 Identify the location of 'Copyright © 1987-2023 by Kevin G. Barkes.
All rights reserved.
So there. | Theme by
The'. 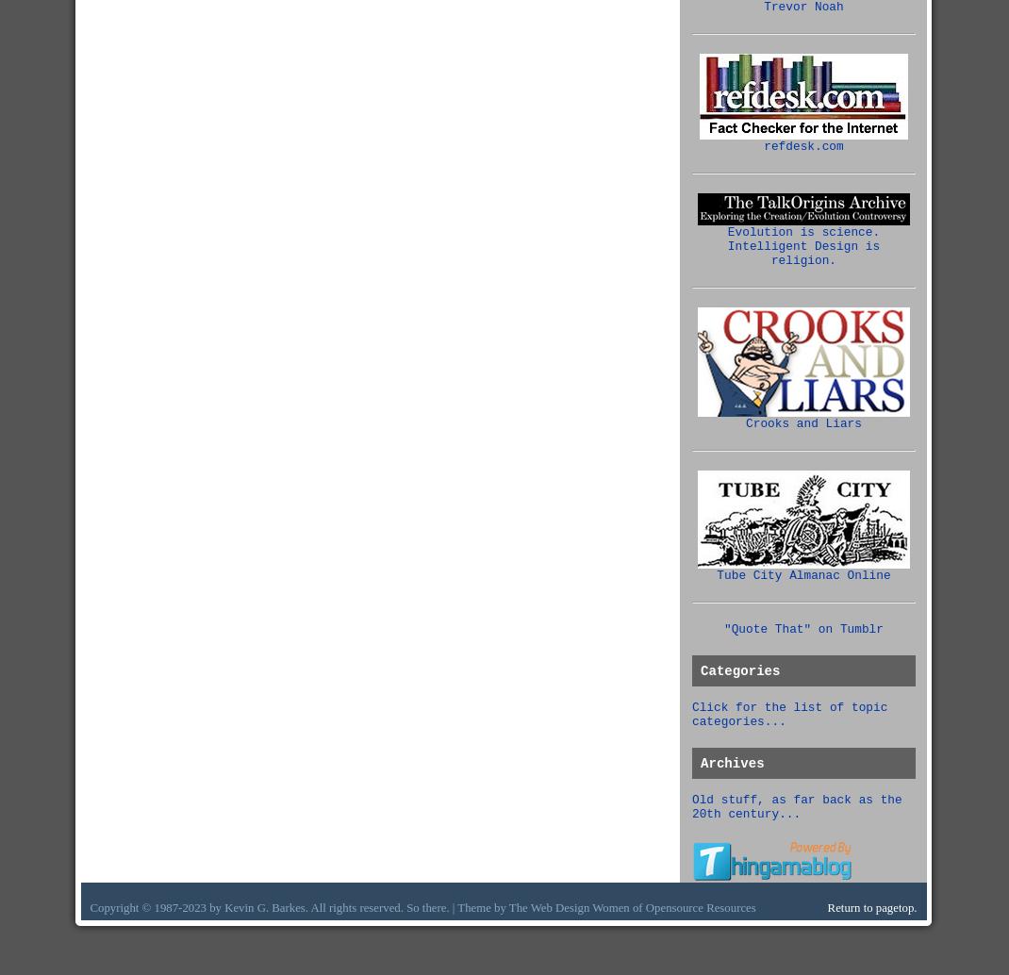
(309, 906).